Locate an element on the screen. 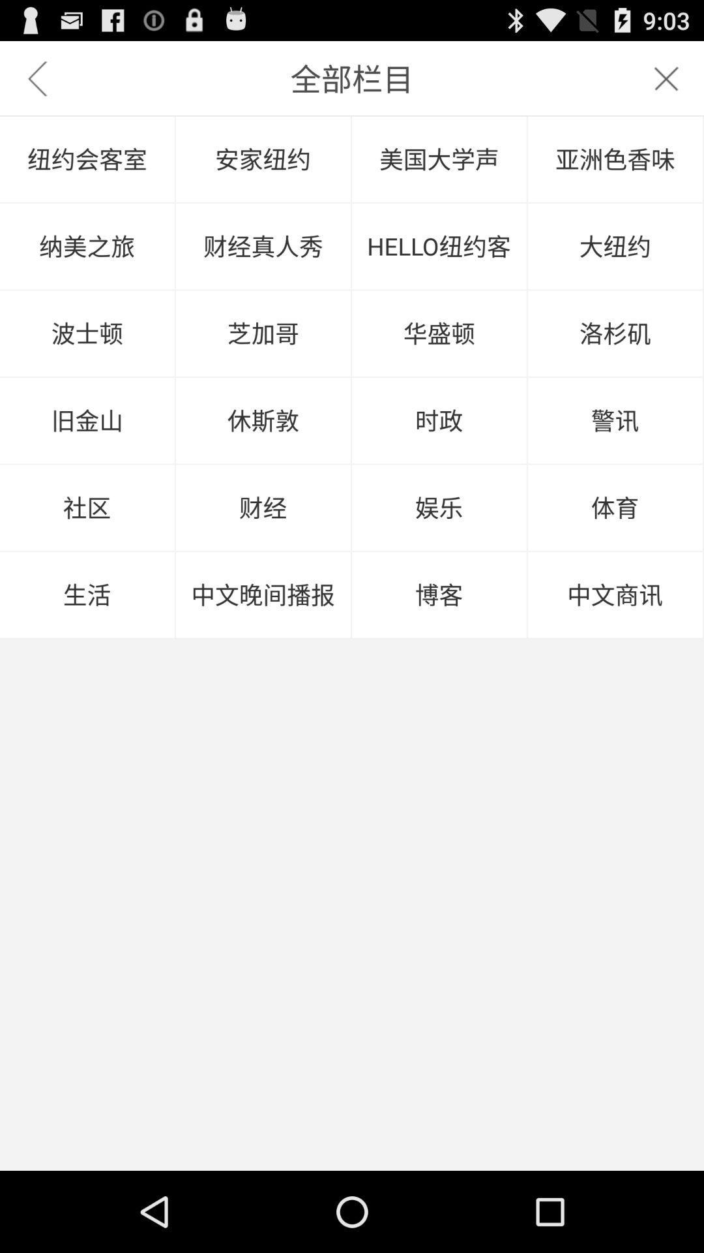 This screenshot has width=704, height=1253. the close icon is located at coordinates (666, 84).